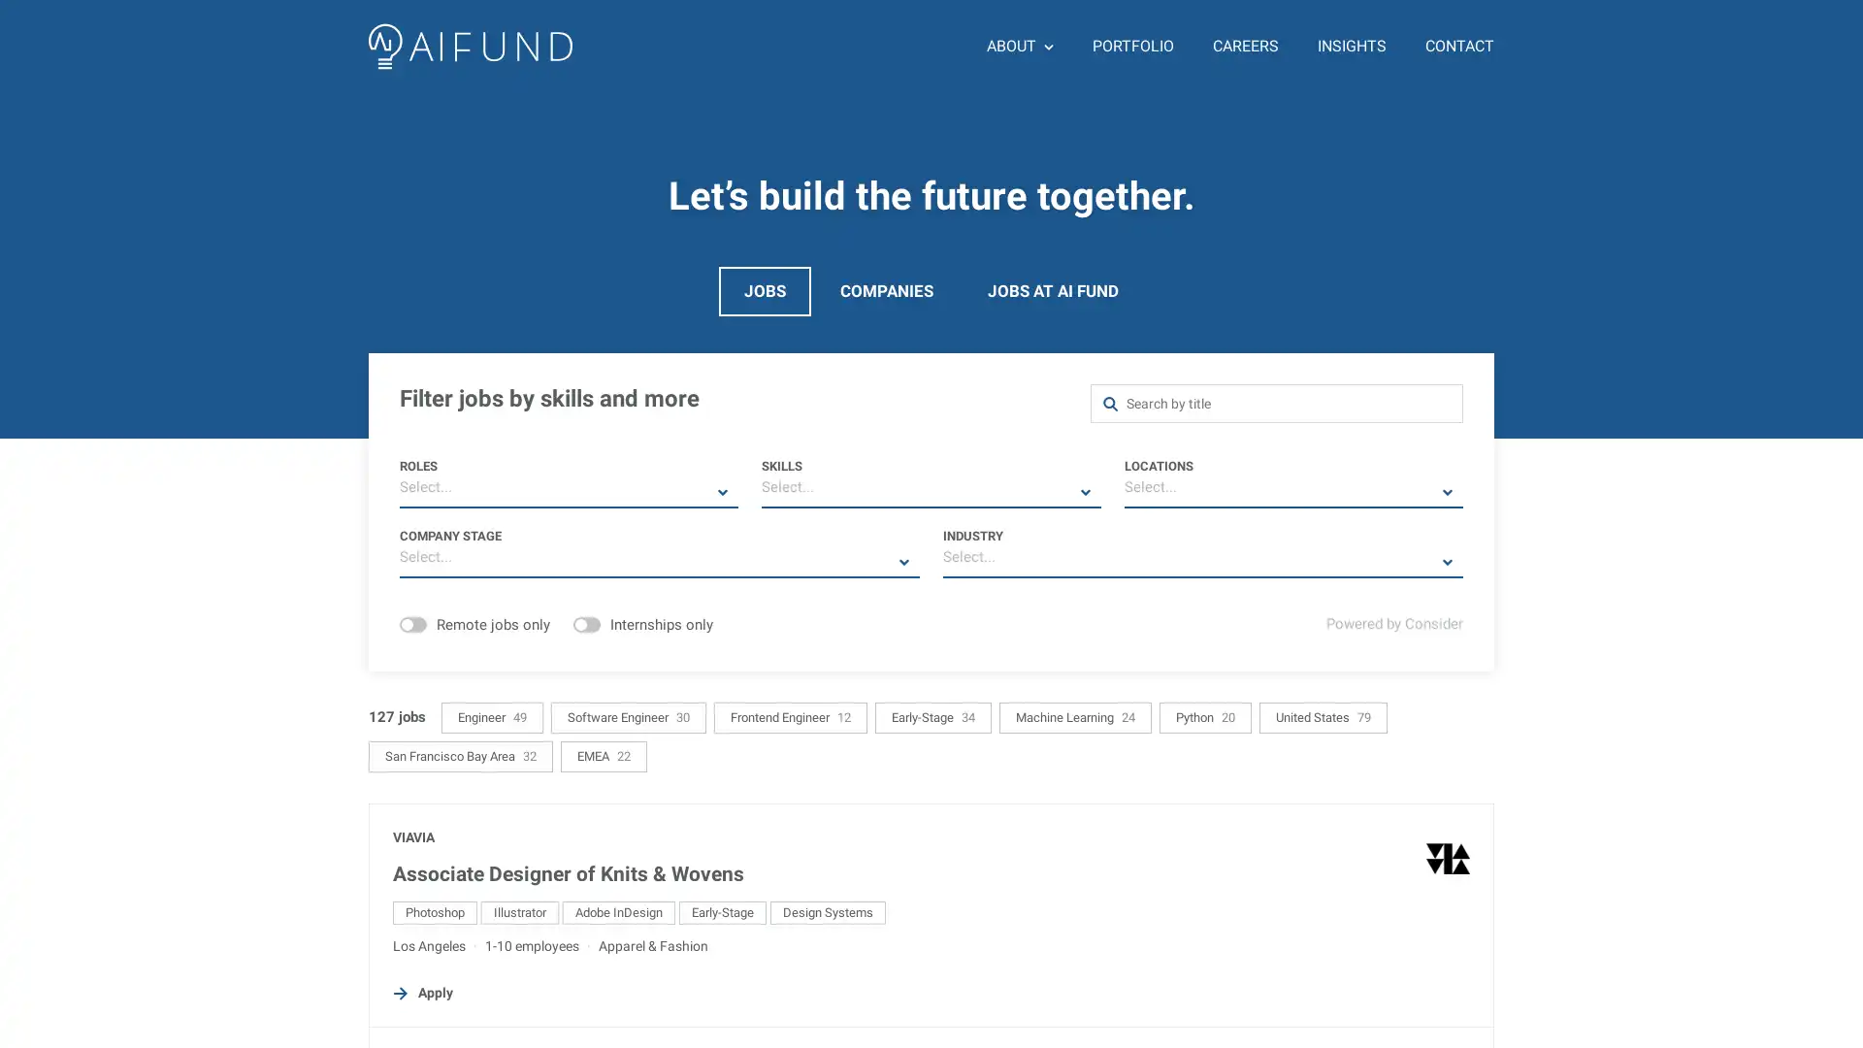 The width and height of the screenshot is (1863, 1048). What do you see at coordinates (930, 475) in the screenshot?
I see `SKILLS Select...` at bounding box center [930, 475].